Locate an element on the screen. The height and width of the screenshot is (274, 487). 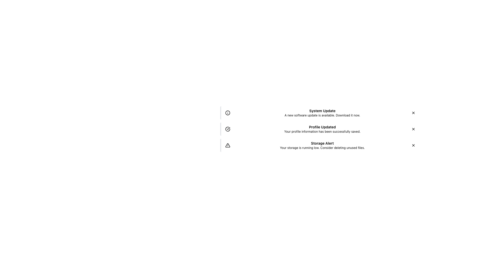
the Notification Card that alerts the user about low storage, which is the third card in a vertical stack of notification cards is located at coordinates (320, 145).